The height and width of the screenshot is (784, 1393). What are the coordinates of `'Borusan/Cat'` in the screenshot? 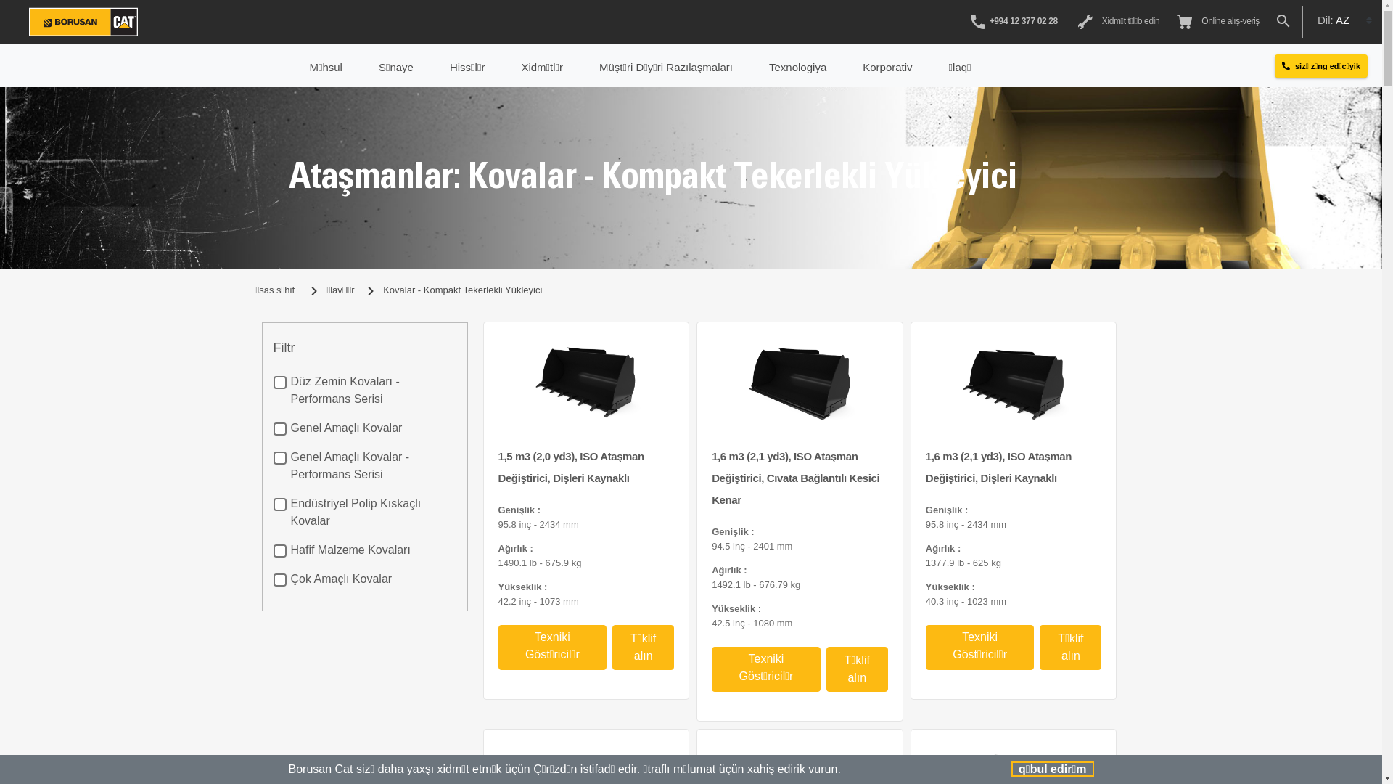 It's located at (83, 22).